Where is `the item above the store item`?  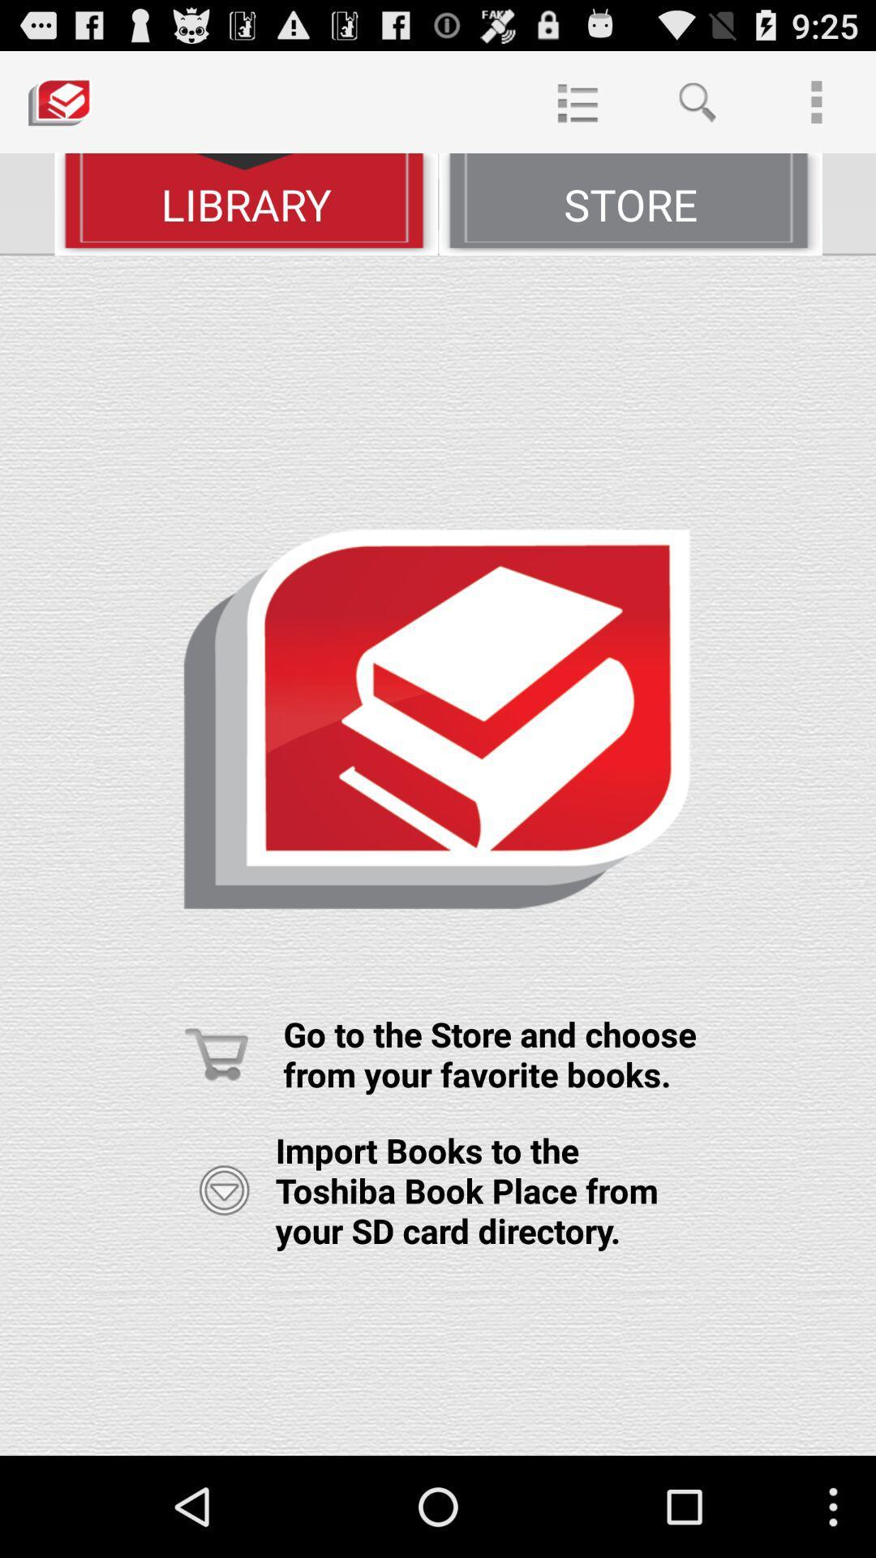
the item above the store item is located at coordinates (696, 101).